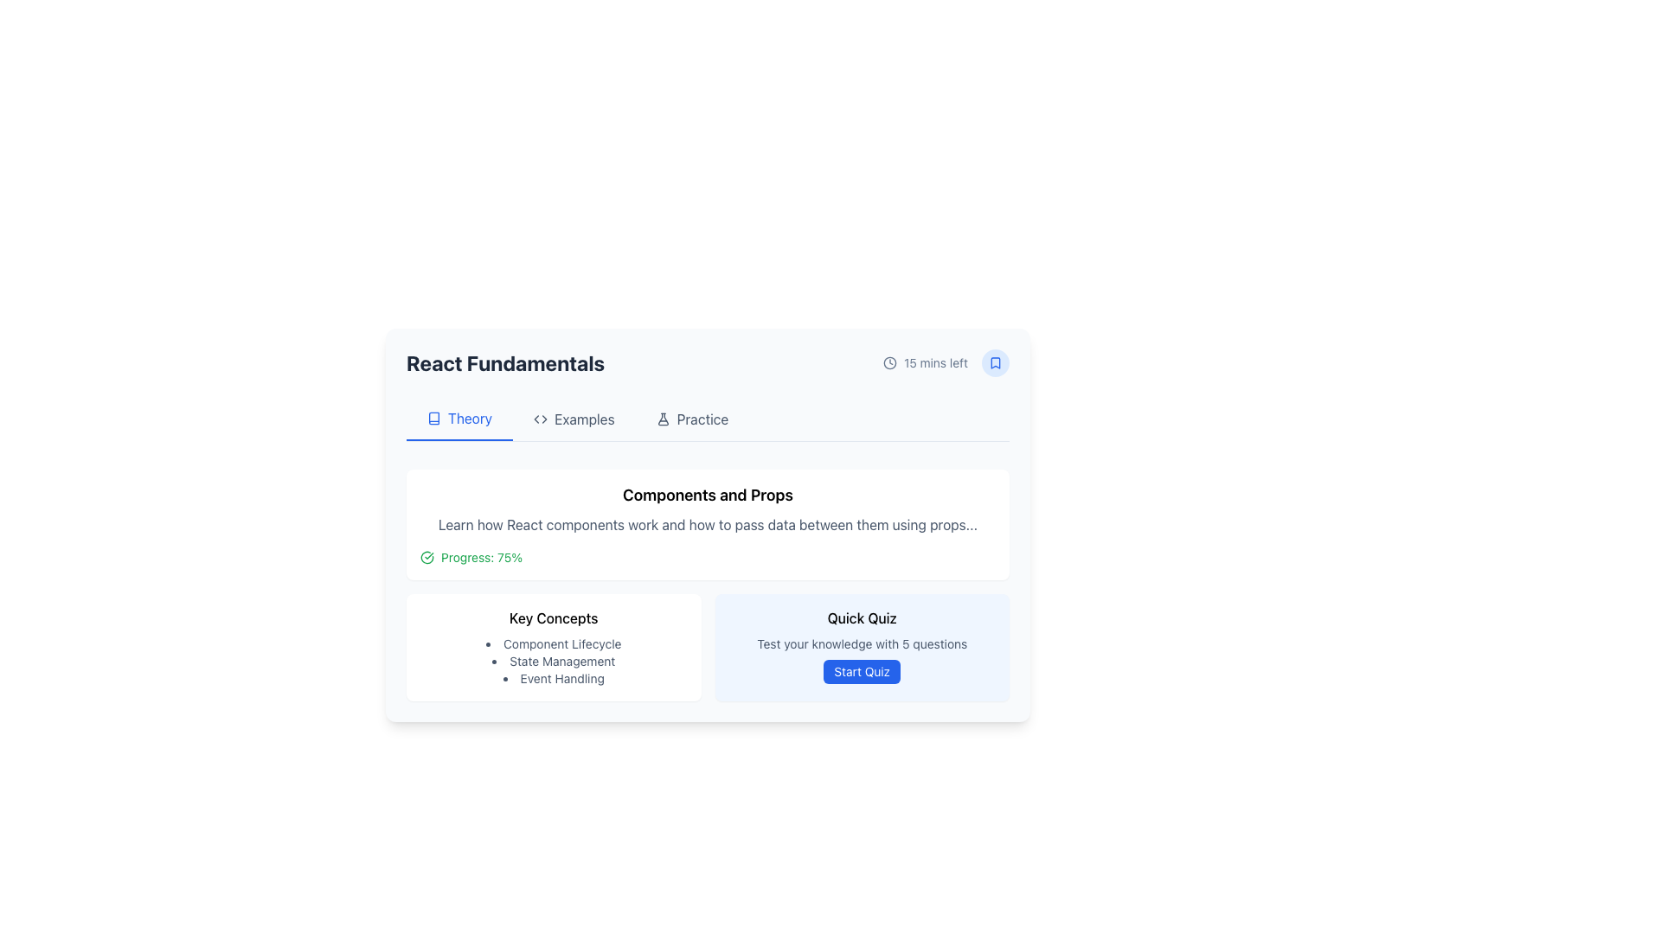 The width and height of the screenshot is (1661, 934). I want to click on the bookmark button located in the top-right corner of the 'React Fundamentals' card to bookmark or unbookmark the associated content, so click(996, 362).